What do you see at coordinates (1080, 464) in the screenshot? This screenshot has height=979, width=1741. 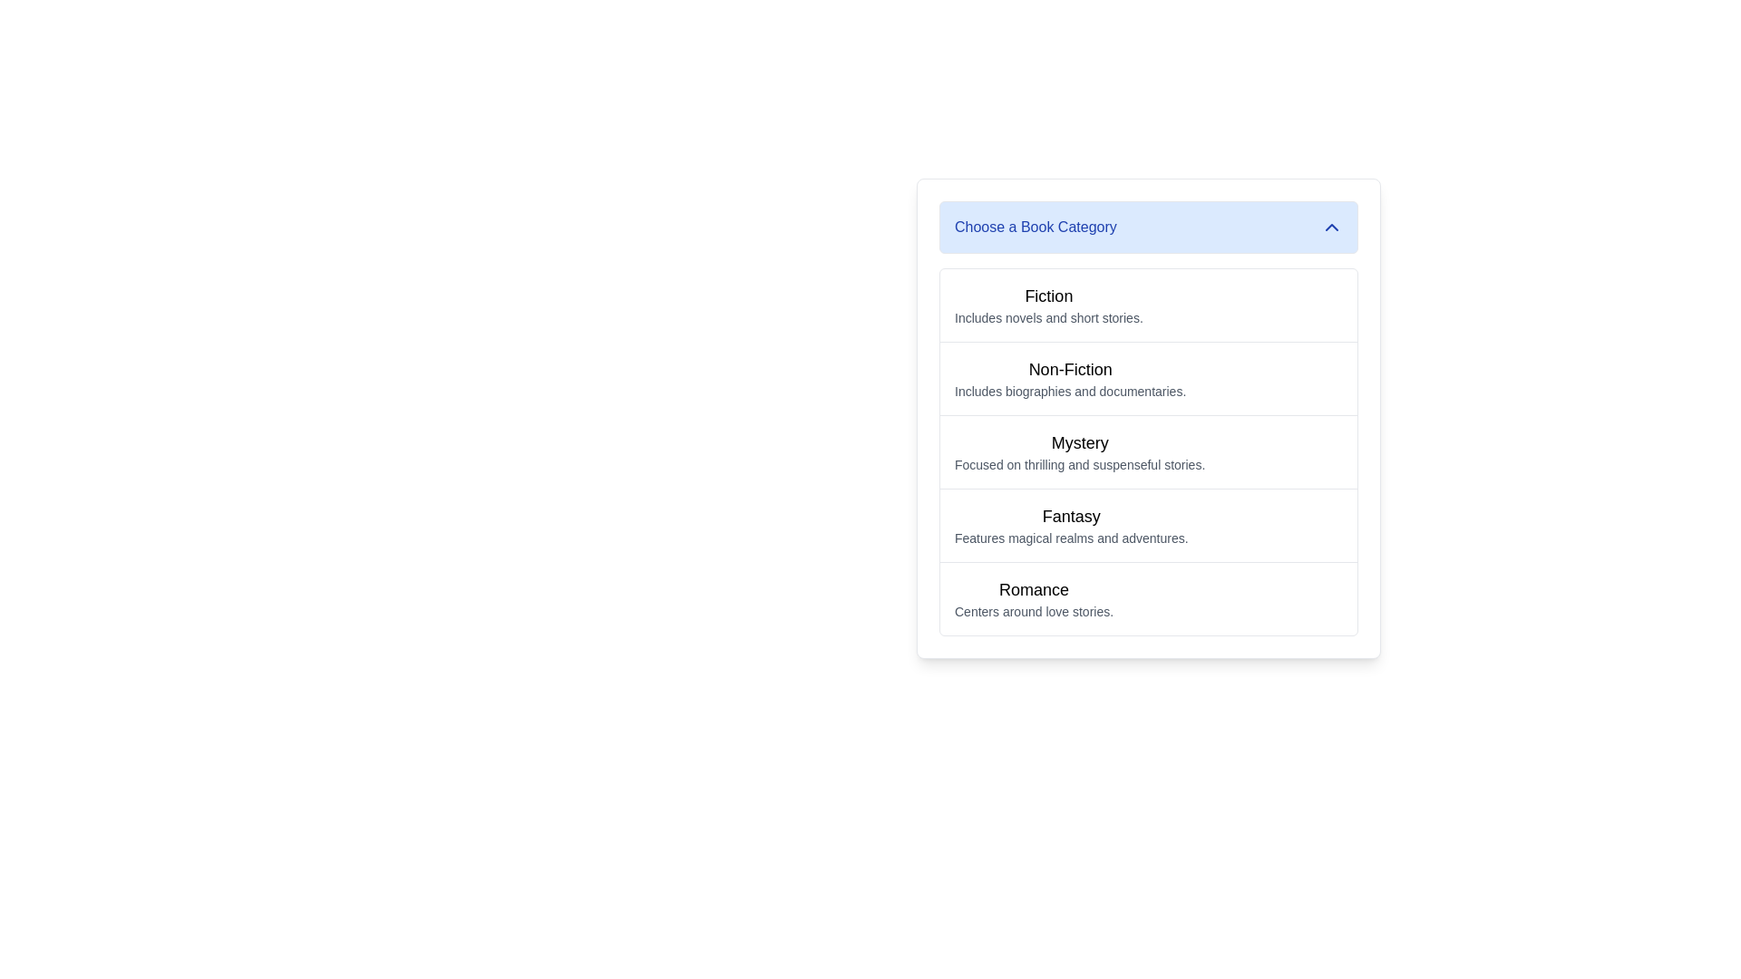 I see `text block containing 'Focused on thrilling and suspenseful stories.' located below the 'Mystery' heading in the 'Choose a Book Category' list` at bounding box center [1080, 464].